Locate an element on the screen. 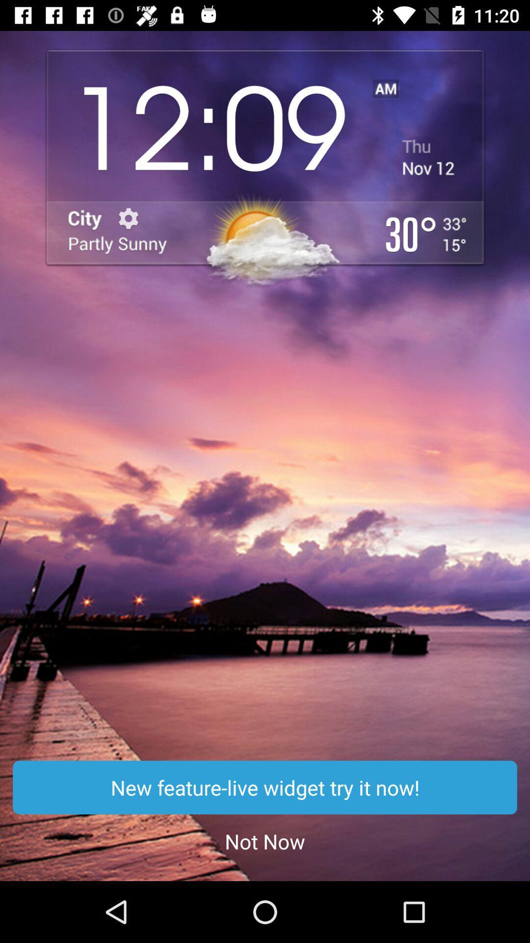 This screenshot has width=530, height=943. new feature live icon is located at coordinates (265, 787).